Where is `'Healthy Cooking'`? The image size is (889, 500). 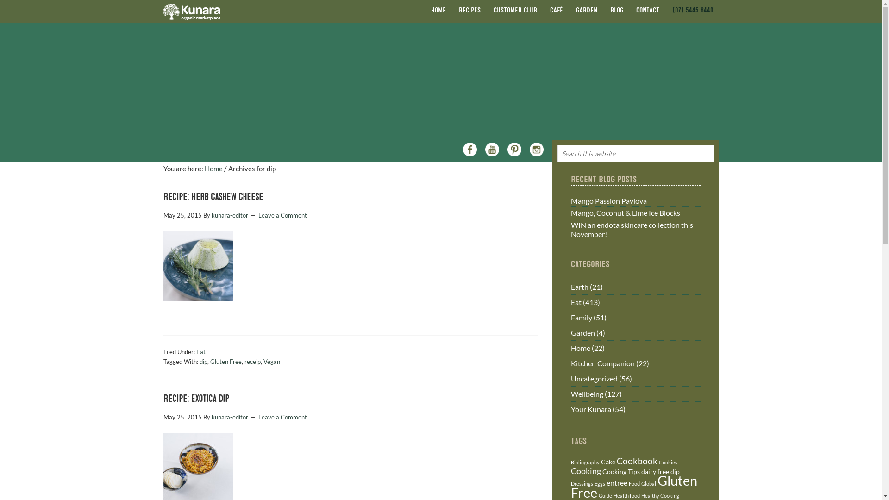 'Healthy Cooking' is located at coordinates (640, 495).